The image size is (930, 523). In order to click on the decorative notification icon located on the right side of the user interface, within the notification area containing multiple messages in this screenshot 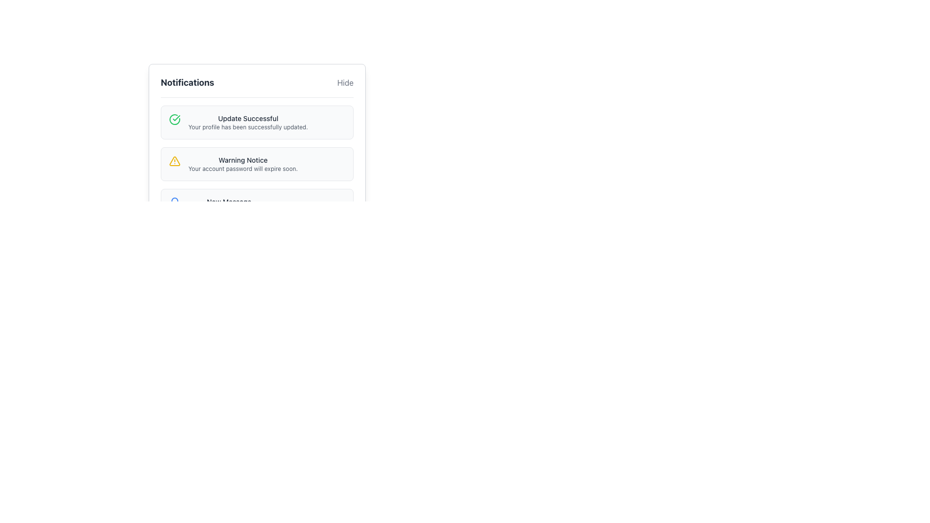, I will do `click(174, 201)`.